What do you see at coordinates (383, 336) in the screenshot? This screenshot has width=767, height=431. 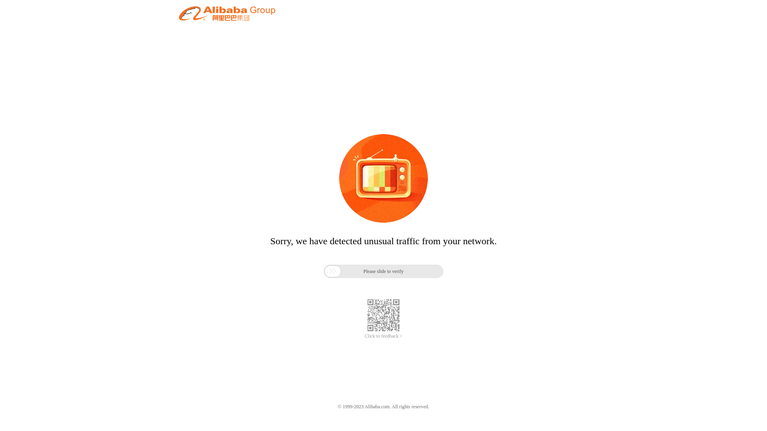 I see `'Click to feedback >'` at bounding box center [383, 336].